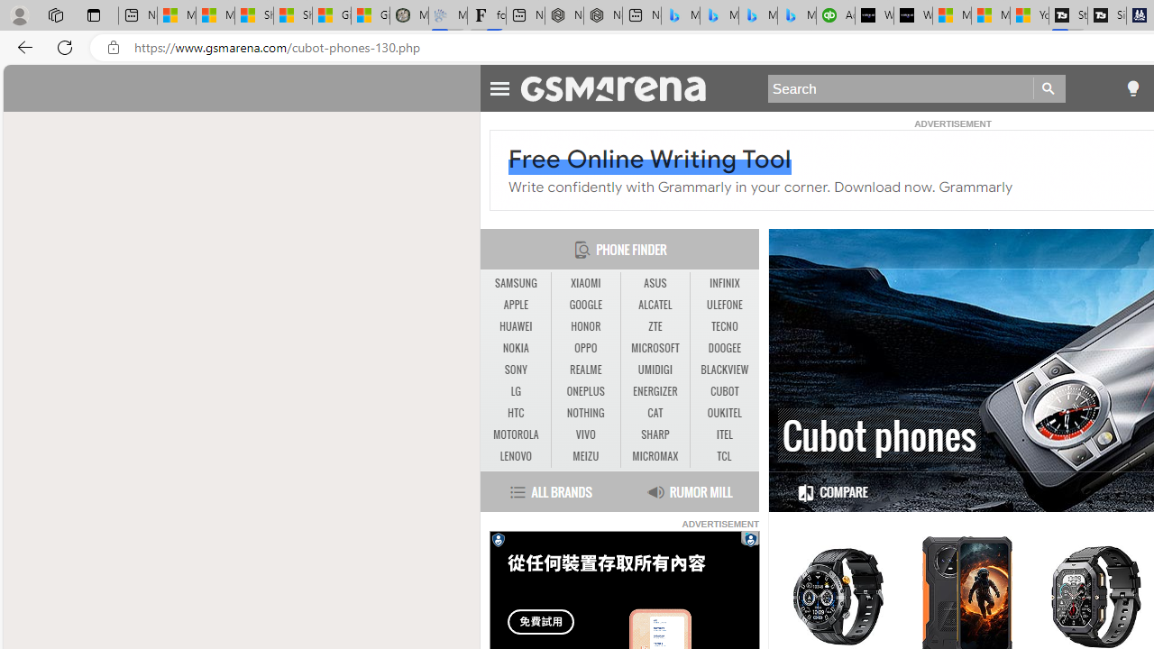 The image size is (1154, 649). I want to click on 'HTC', so click(515, 413).